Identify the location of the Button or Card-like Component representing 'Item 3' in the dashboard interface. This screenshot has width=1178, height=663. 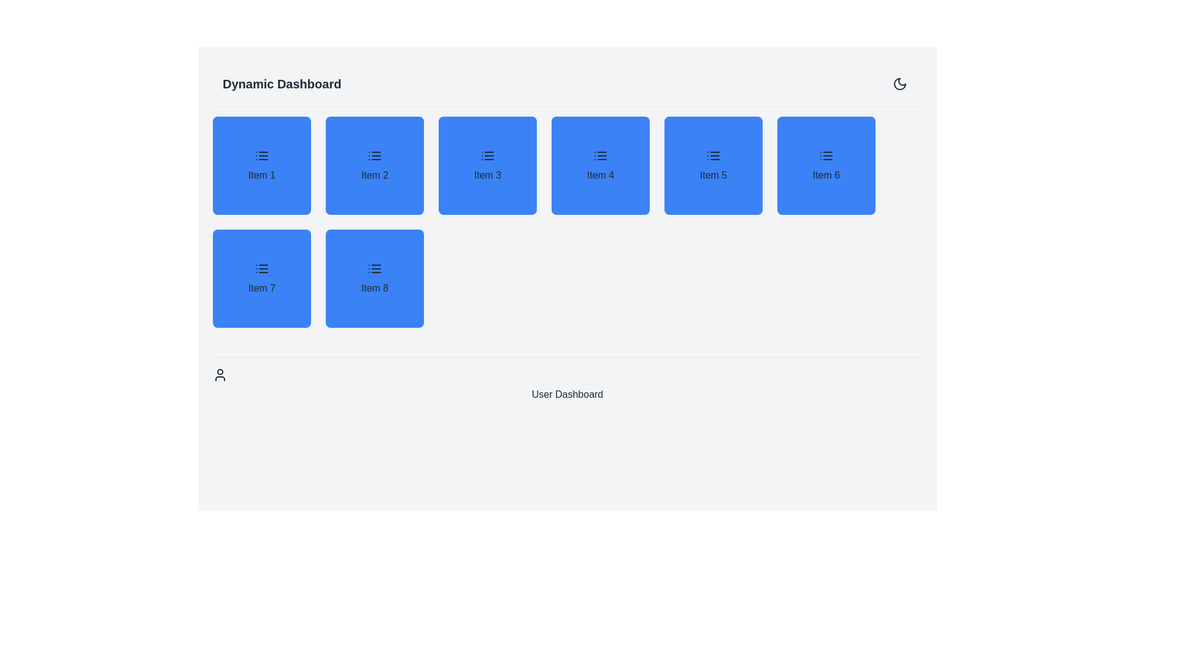
(487, 166).